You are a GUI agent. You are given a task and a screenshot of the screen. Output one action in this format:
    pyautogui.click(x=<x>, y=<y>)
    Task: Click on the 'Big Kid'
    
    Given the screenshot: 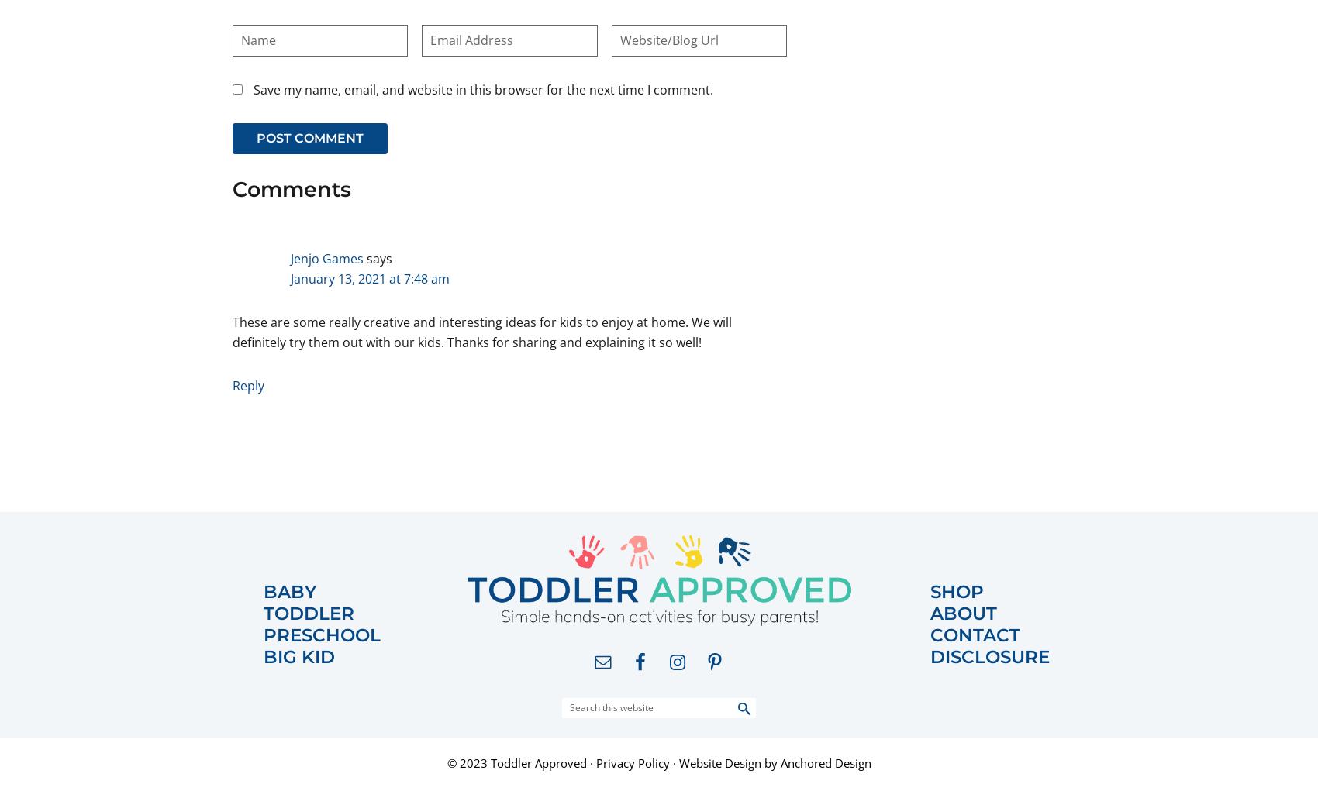 What is the action you would take?
    pyautogui.click(x=263, y=656)
    